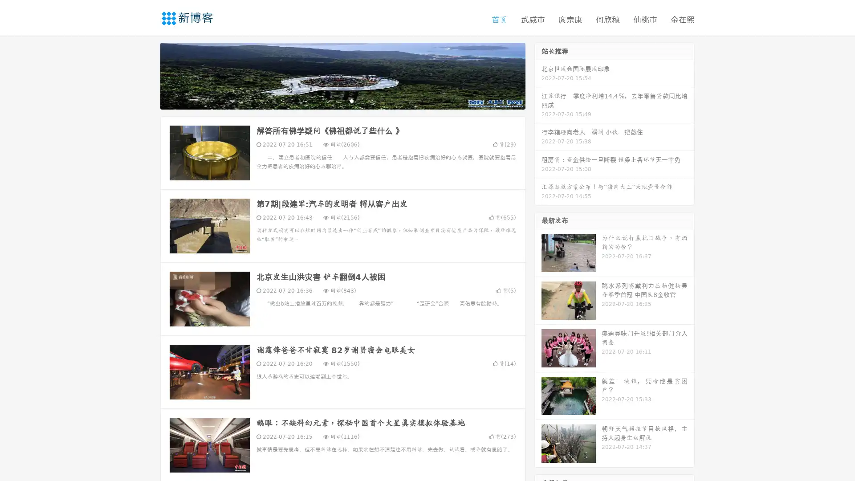 The height and width of the screenshot is (481, 855). Describe the element at coordinates (333, 100) in the screenshot. I see `Go to slide 1` at that location.